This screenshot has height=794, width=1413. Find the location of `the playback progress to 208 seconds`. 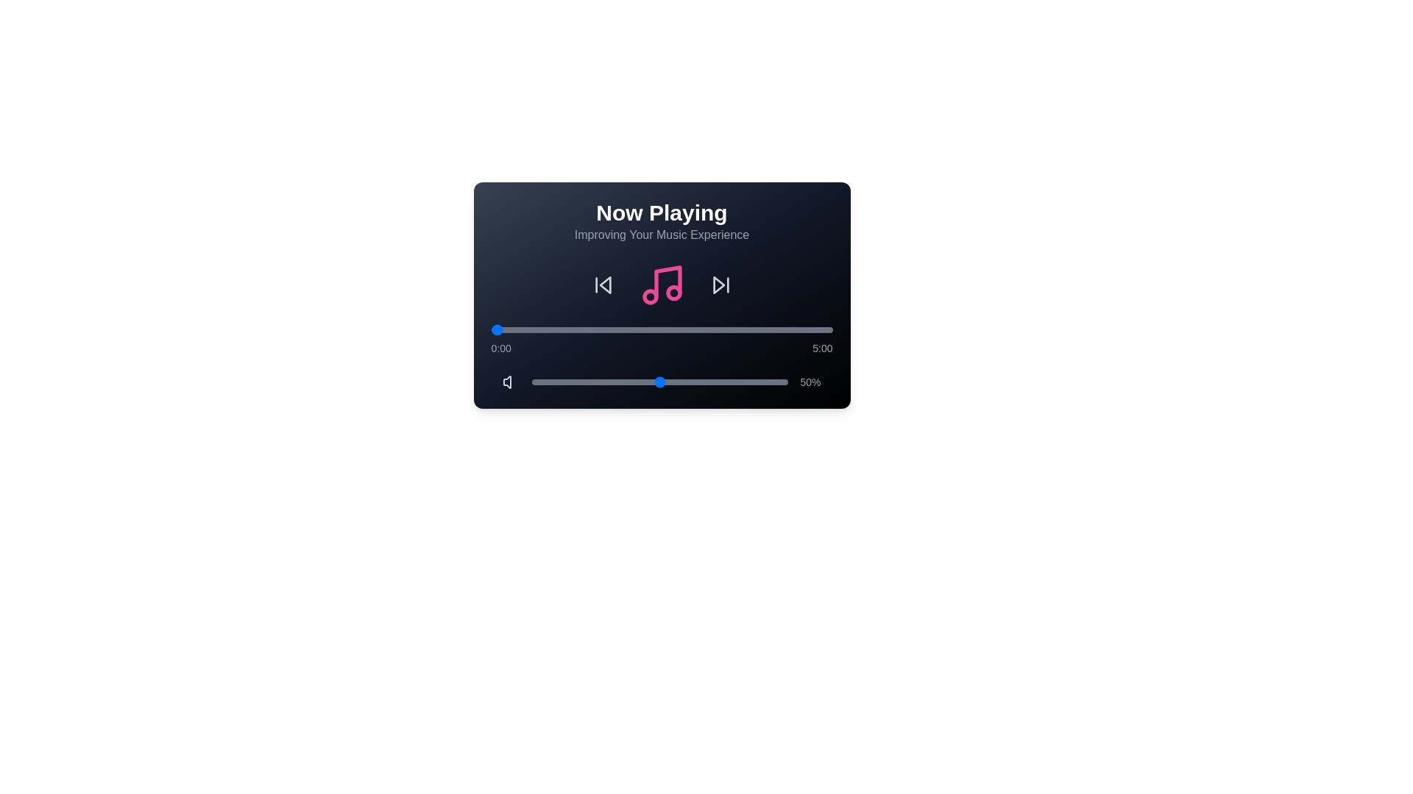

the playback progress to 208 seconds is located at coordinates (728, 329).